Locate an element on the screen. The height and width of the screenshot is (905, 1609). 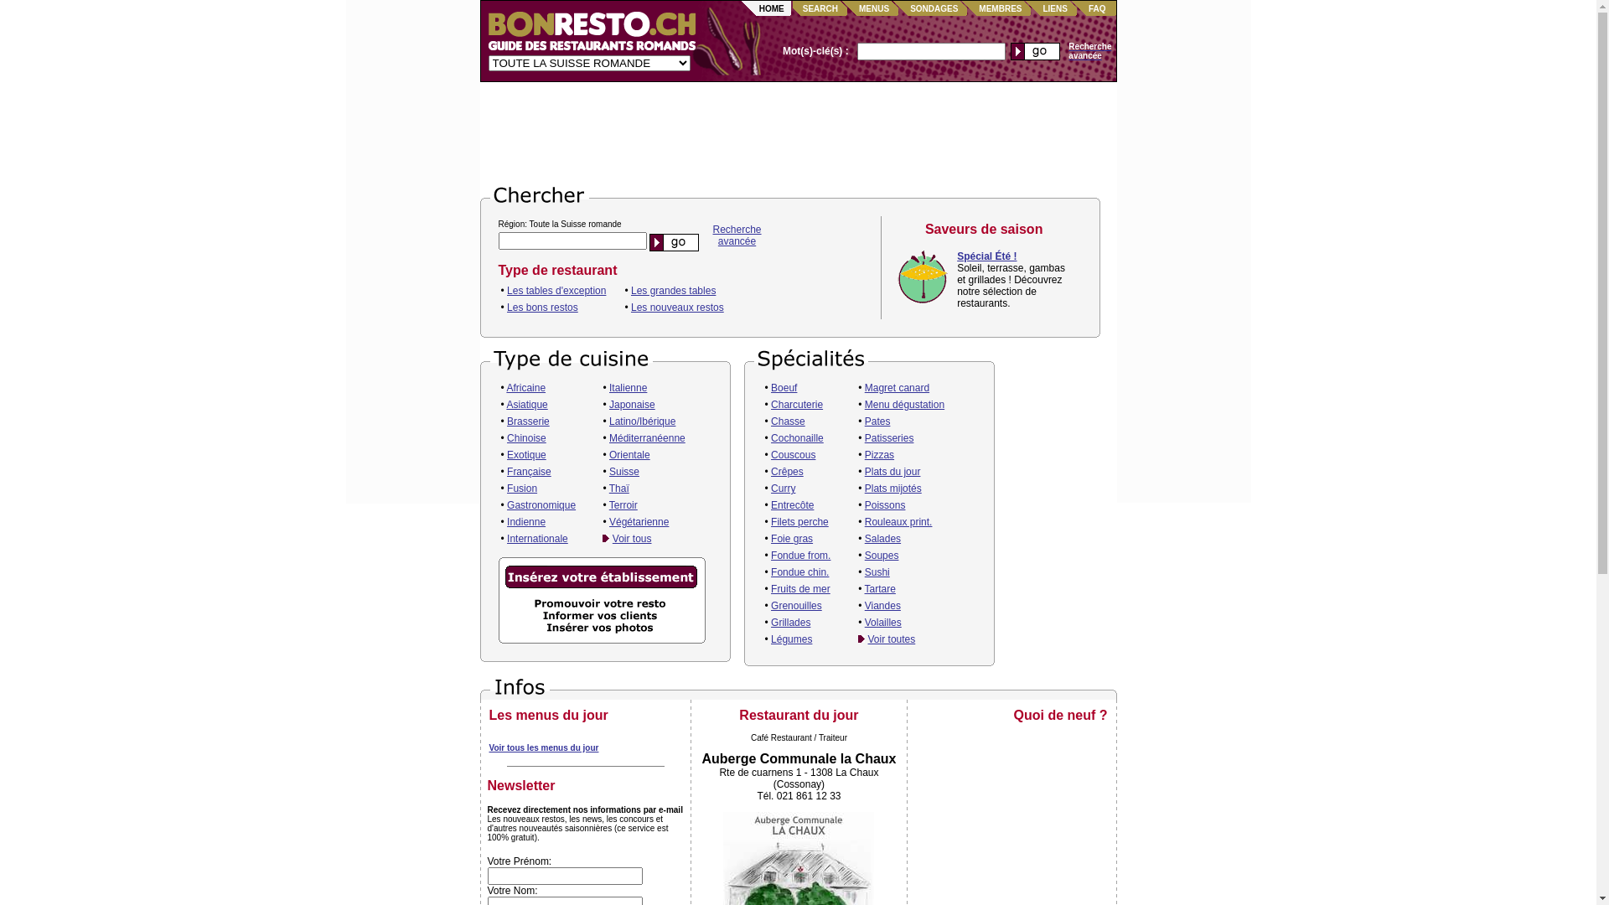
'Grenouilles' is located at coordinates (795, 605).